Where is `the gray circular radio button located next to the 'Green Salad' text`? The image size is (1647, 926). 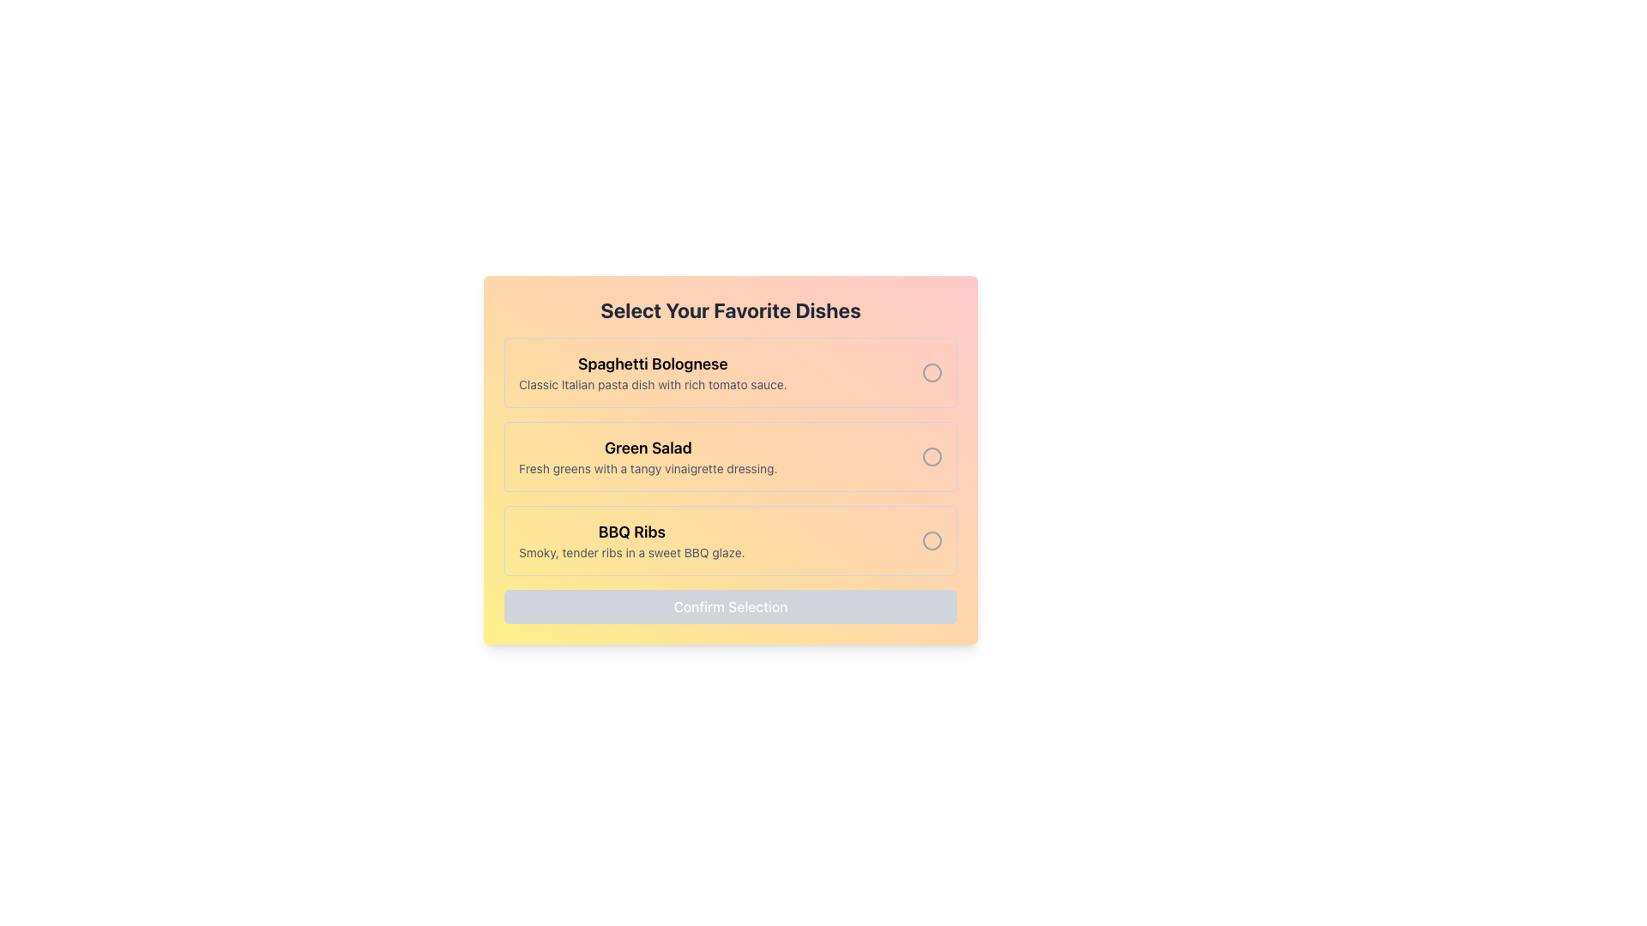
the gray circular radio button located next to the 'Green Salad' text is located at coordinates (931, 455).